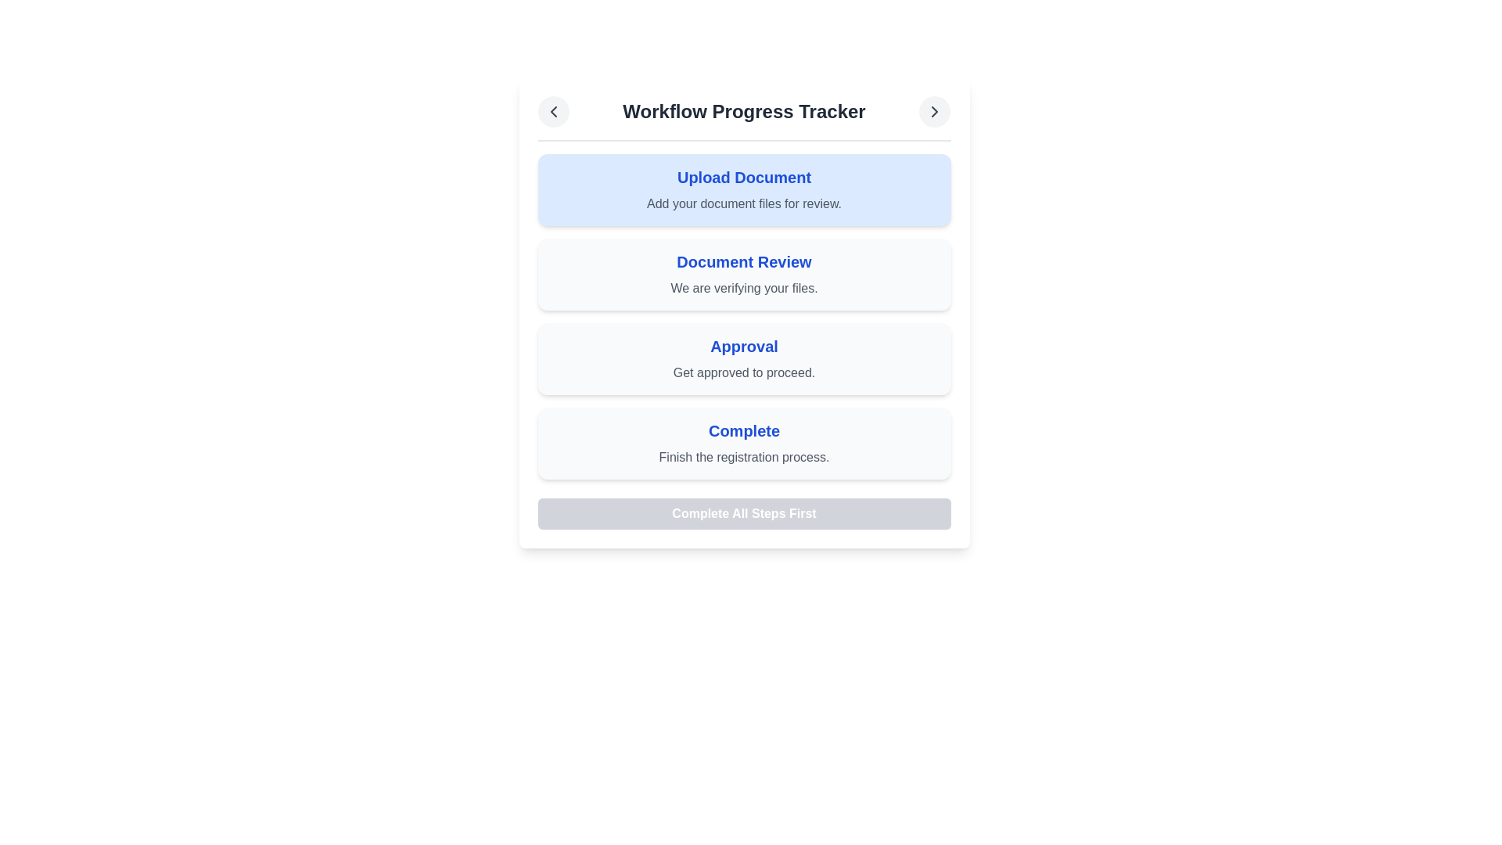 The image size is (1502, 845). Describe the element at coordinates (553, 110) in the screenshot. I see `the circular navigational Icon element located at the top-left corner of the 'Workflow Progress Tracker' section` at that location.